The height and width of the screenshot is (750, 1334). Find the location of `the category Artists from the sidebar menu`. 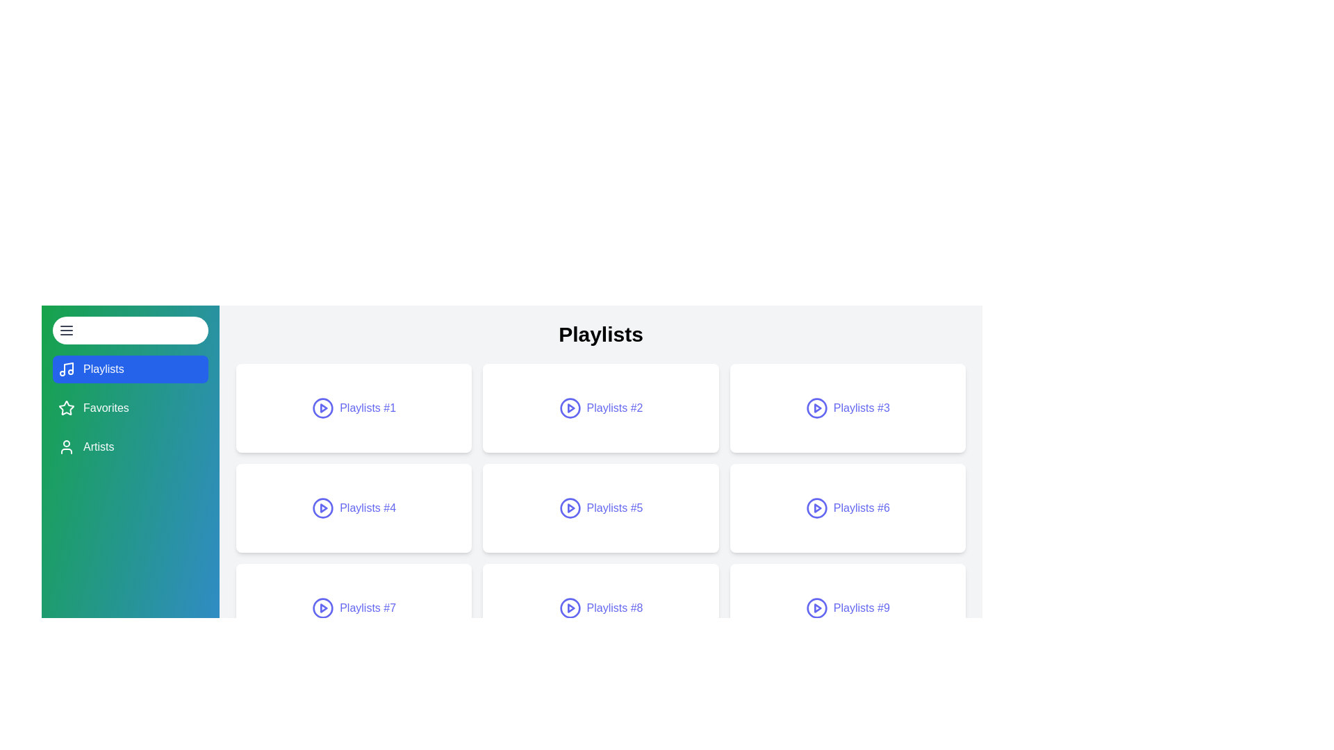

the category Artists from the sidebar menu is located at coordinates (130, 447).